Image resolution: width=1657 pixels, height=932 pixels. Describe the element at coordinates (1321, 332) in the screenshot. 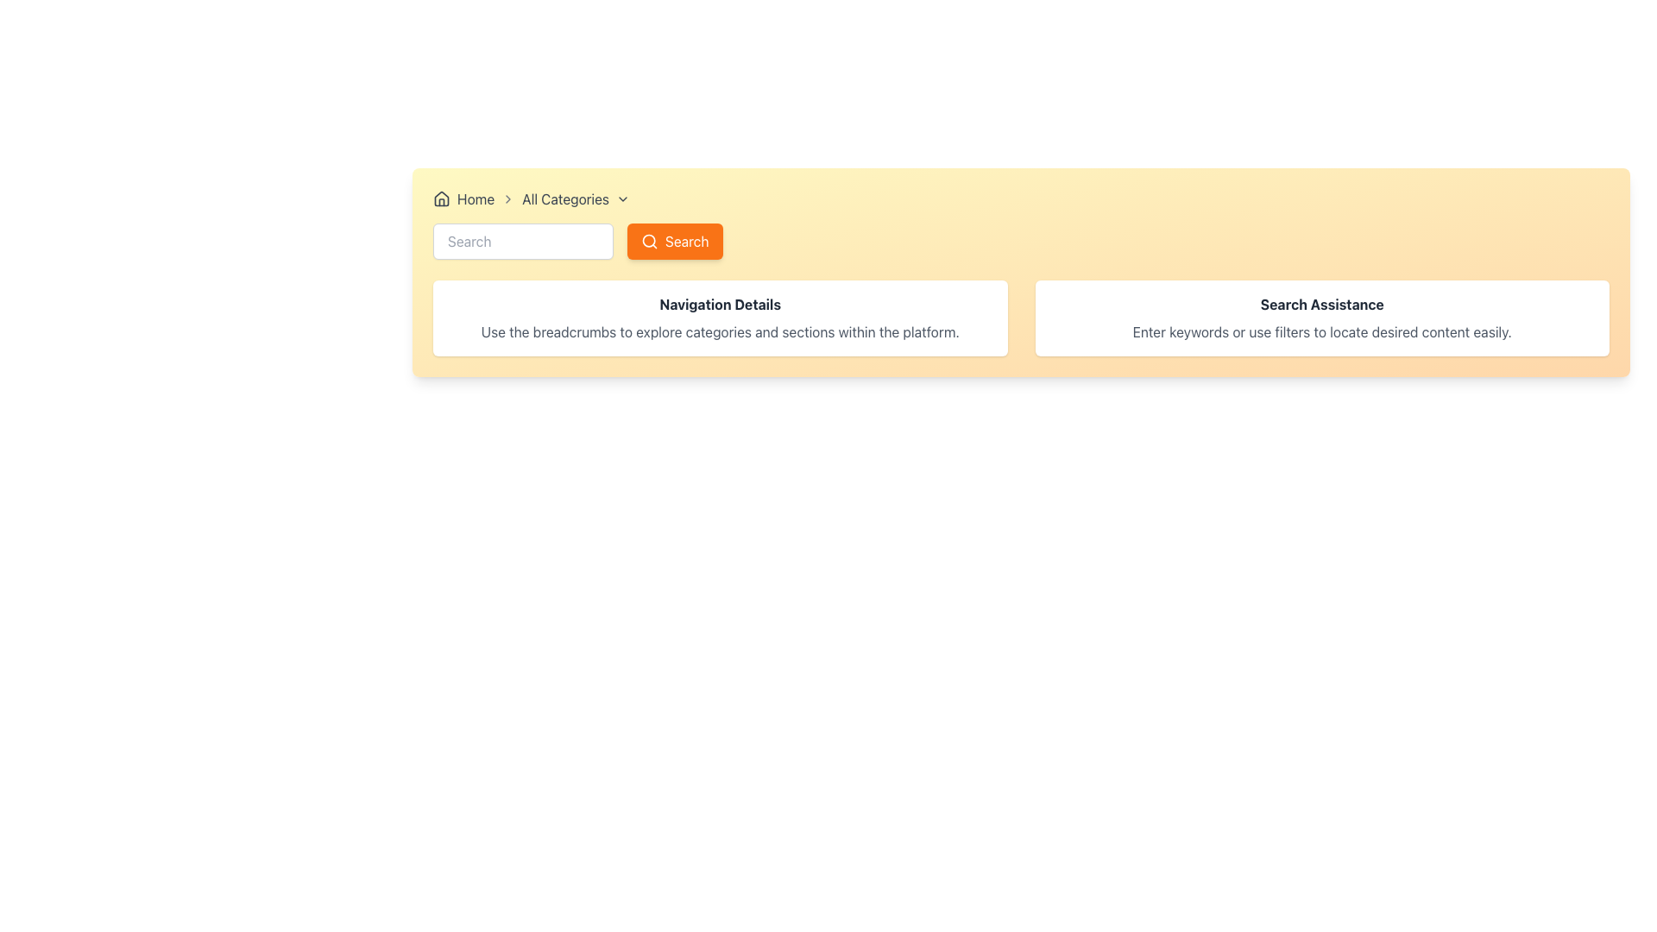

I see `text block containing 'Enter keywords or use filters to locate desired content easily.' located below the 'Search Assistance' heading` at that location.